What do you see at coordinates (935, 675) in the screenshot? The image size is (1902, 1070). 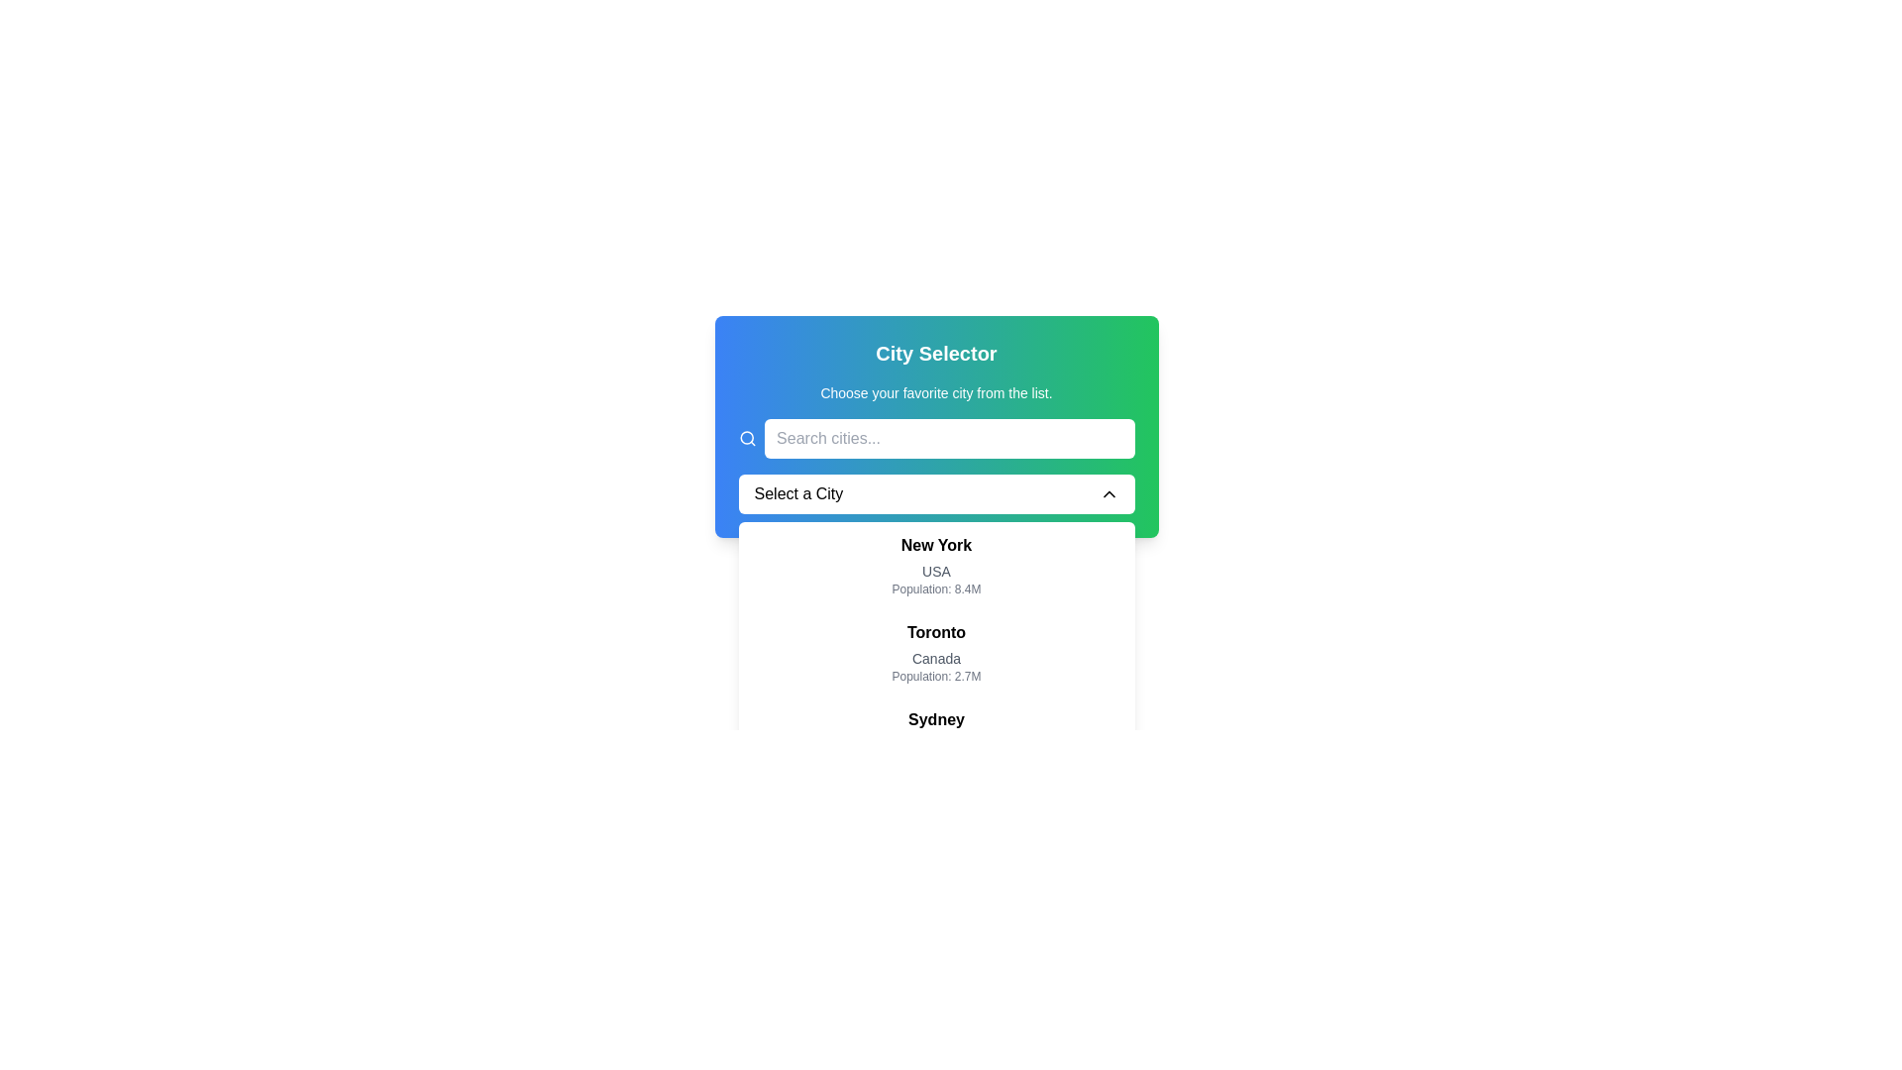 I see `the informational text label about the population of Toronto, located below the 'Canada' text in the dropdown entry, to trigger any available tooltips` at bounding box center [935, 675].